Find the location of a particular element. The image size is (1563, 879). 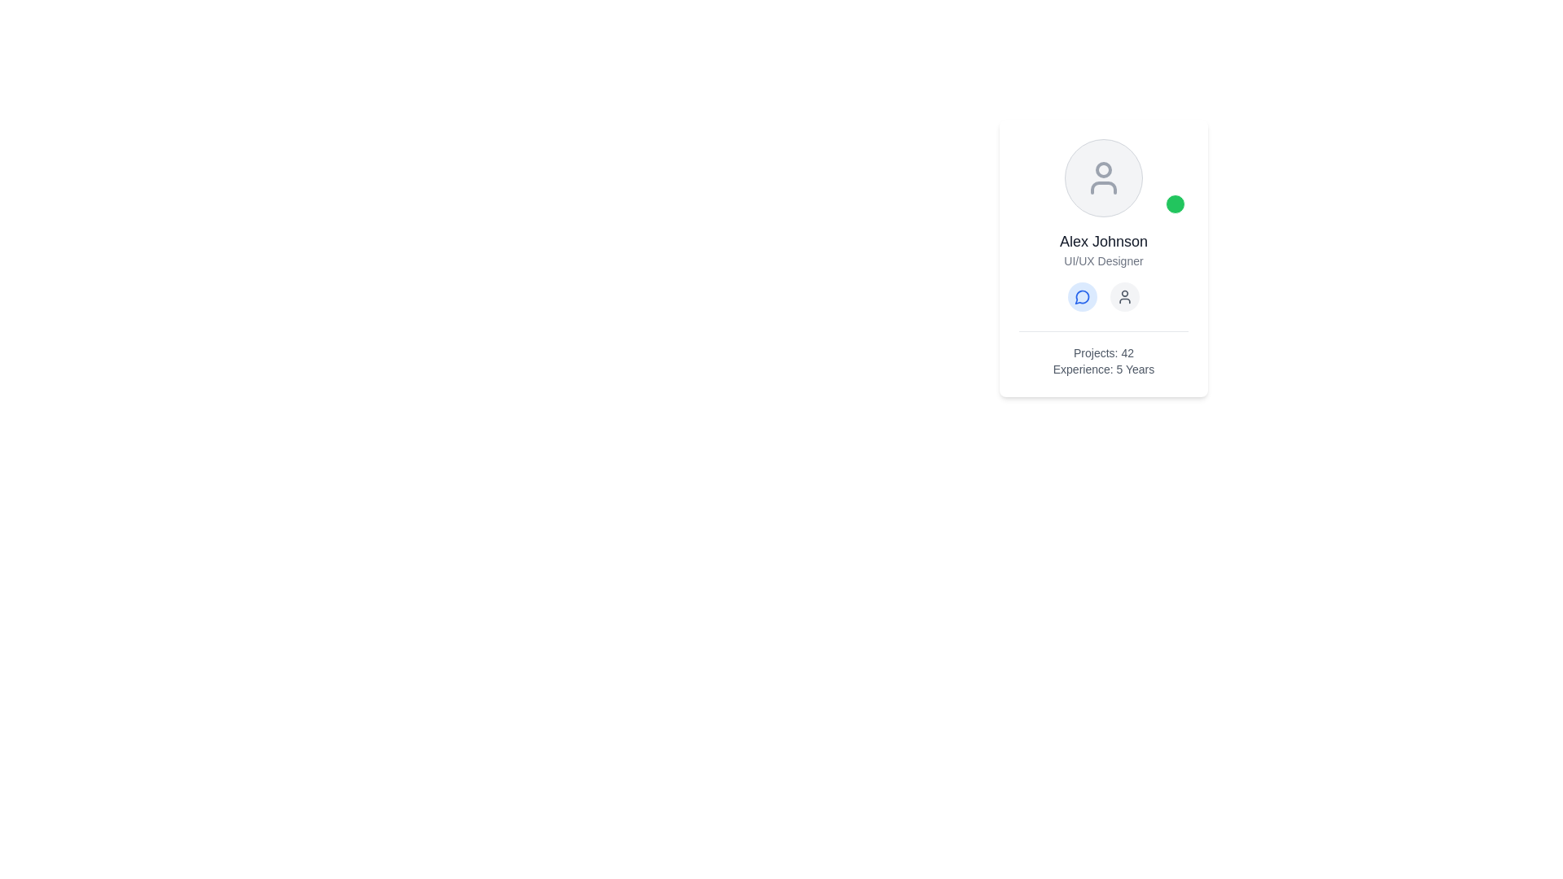

the text label displaying 'Experience: 5 Years', which is positioned below 'Projects: 42' is located at coordinates (1104, 370).